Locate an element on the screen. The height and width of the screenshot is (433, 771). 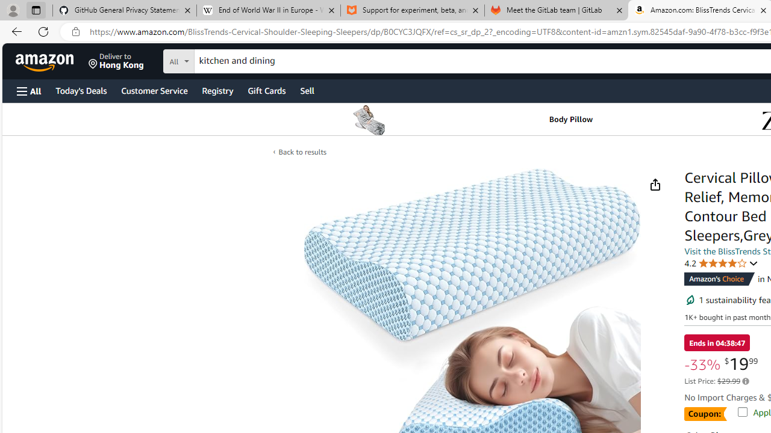
'End of World War II in Europe - Wikipedia' is located at coordinates (267, 10).